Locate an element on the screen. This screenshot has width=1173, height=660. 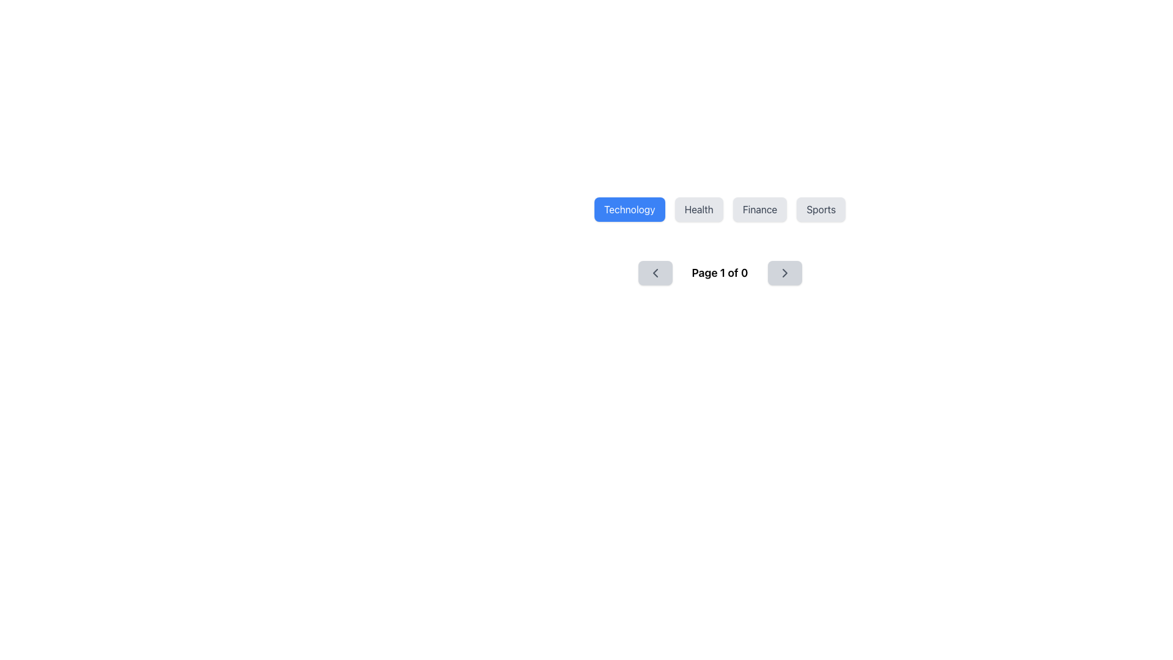
the 'Finance' button, which has a light gray background and rounded corners is located at coordinates (759, 209).